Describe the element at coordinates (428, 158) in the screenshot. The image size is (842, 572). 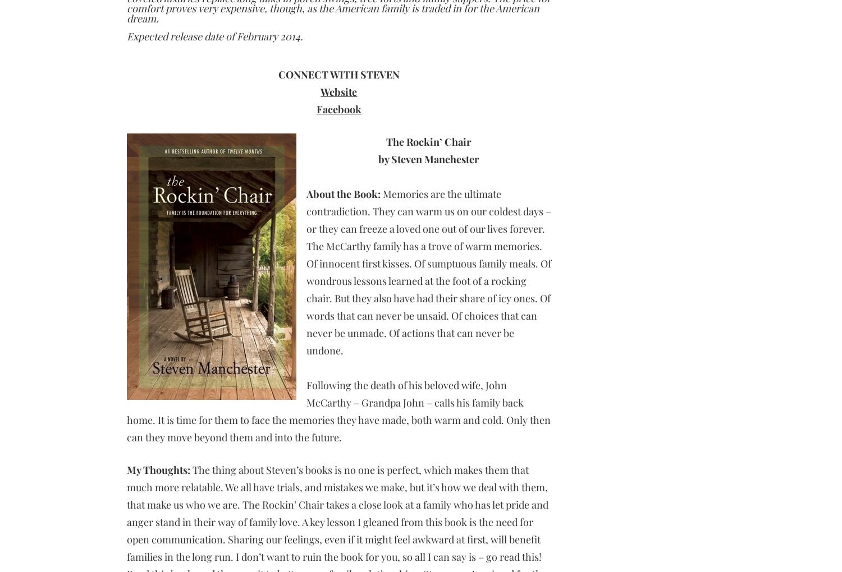
I see `'by Steven Manchester'` at that location.